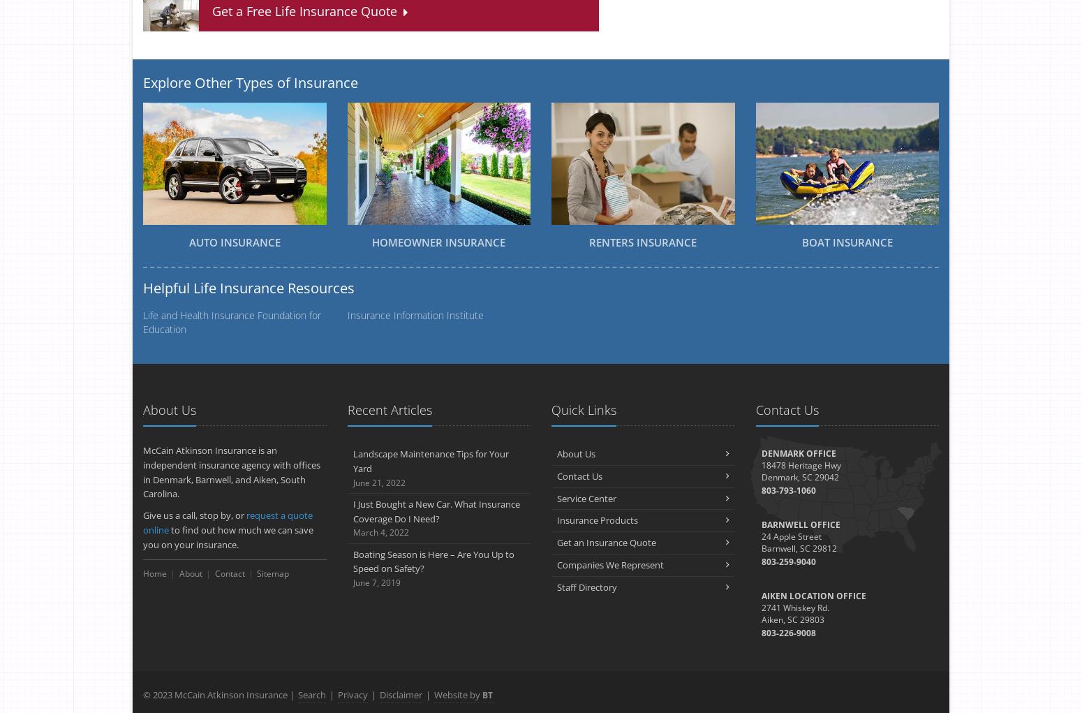 This screenshot has width=1082, height=713. Describe the element at coordinates (142, 522) in the screenshot. I see `'request a quote online'` at that location.